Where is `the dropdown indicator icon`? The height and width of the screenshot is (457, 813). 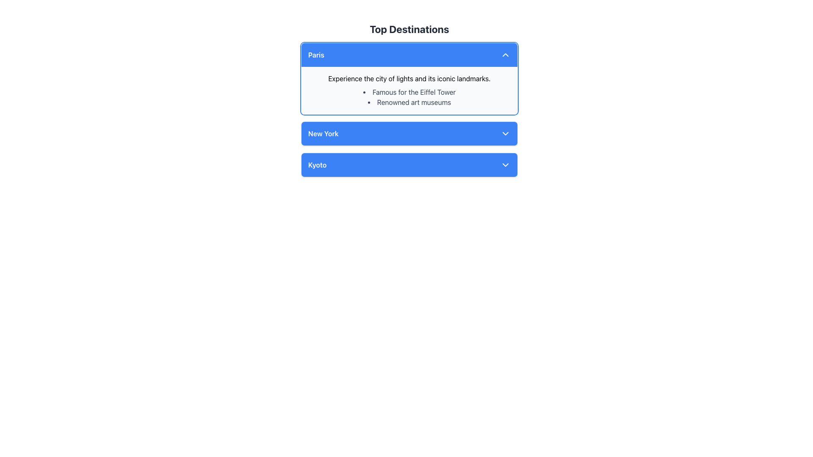 the dropdown indicator icon is located at coordinates (506, 133).